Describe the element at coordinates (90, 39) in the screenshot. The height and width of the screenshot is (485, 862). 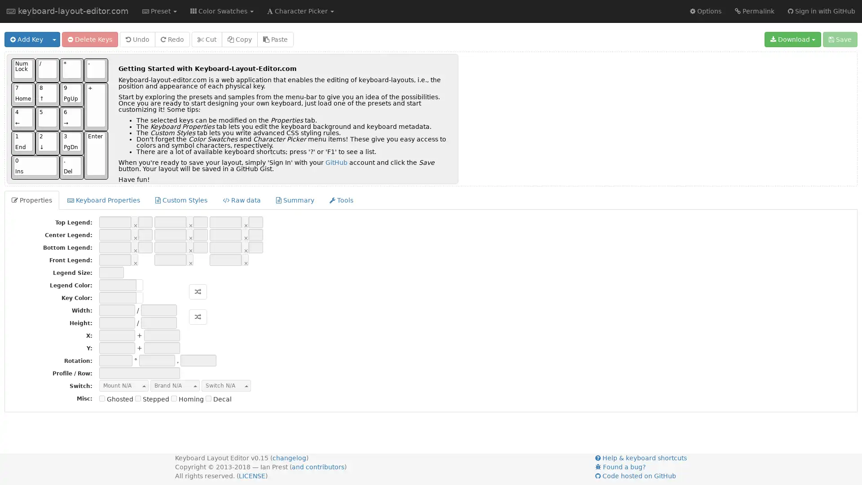
I see `Delete Keys` at that location.